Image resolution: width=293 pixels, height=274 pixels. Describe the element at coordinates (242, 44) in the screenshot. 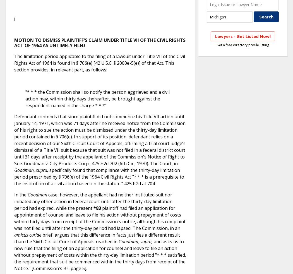

I see `'Get a free directory profile listing'` at that location.